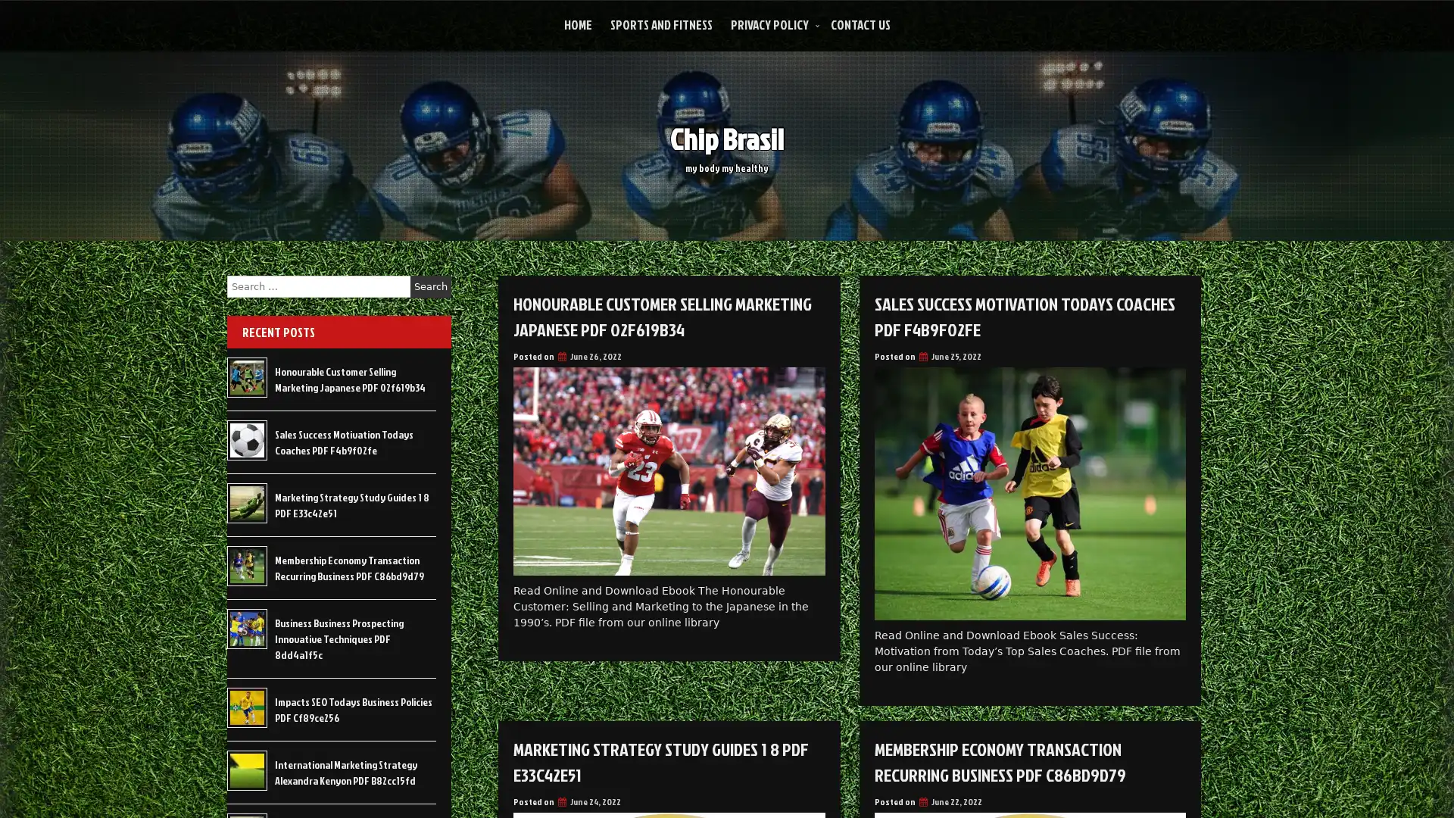 This screenshot has height=818, width=1454. What do you see at coordinates (430, 286) in the screenshot?
I see `Search` at bounding box center [430, 286].